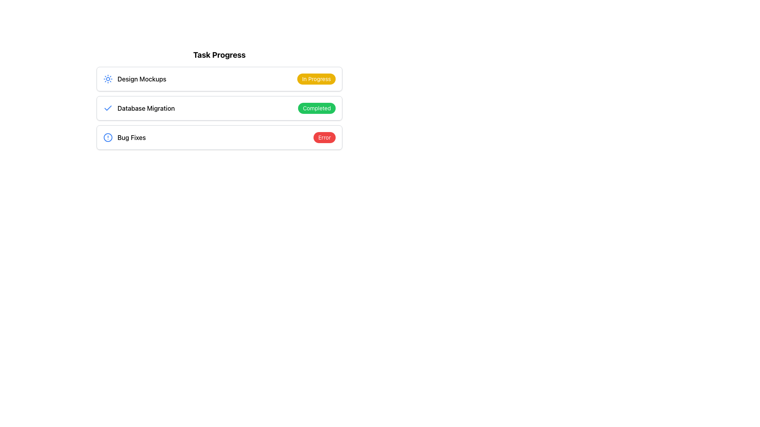 This screenshot has width=760, height=427. Describe the element at coordinates (108, 137) in the screenshot. I see `the icon representing the status of the 'Bug Fixes' task in the 'Task Progress' interface, located to the left of the text label 'Bug Fixes'` at that location.